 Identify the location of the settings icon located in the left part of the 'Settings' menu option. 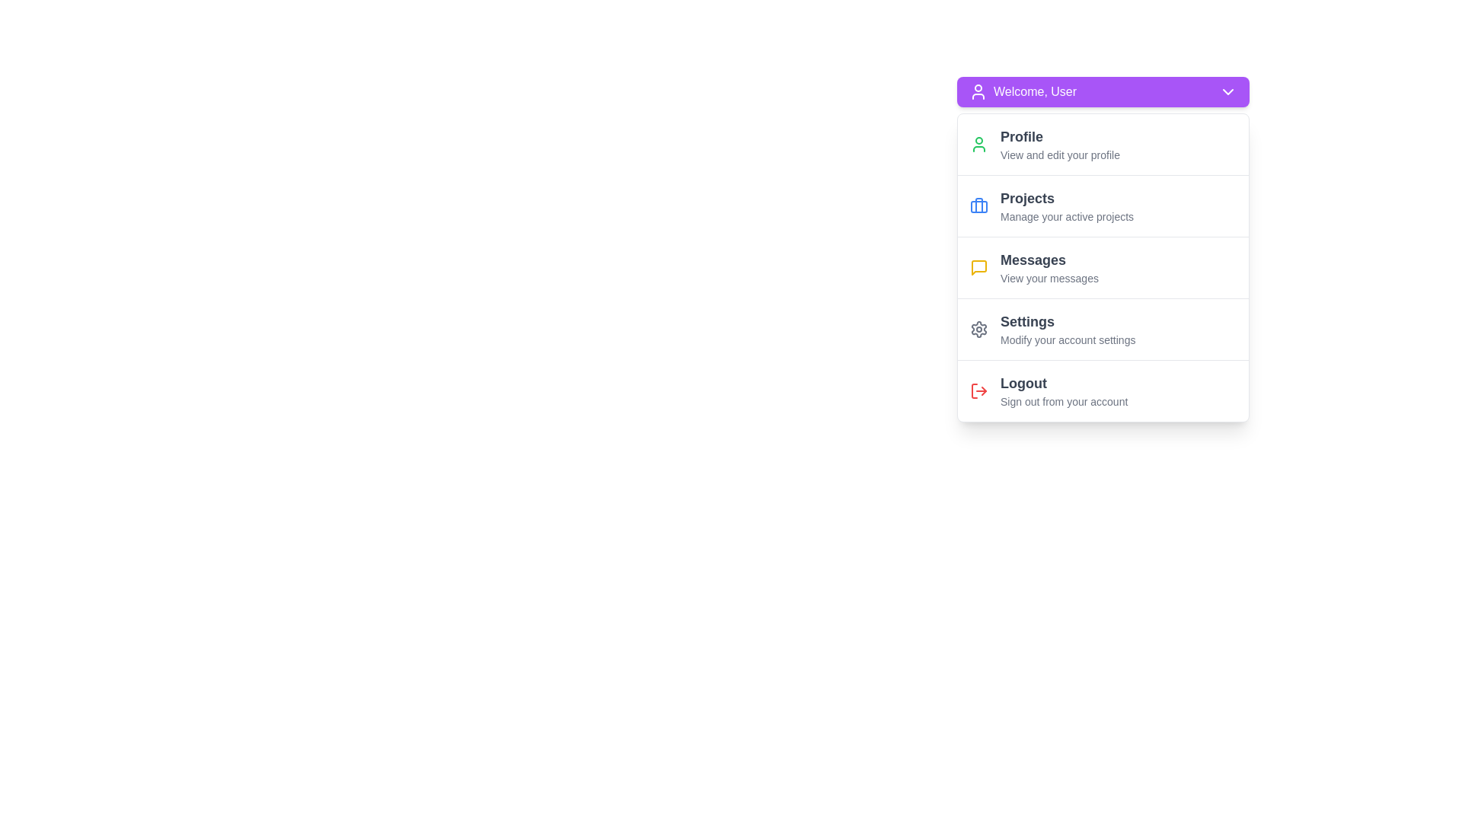
(979, 328).